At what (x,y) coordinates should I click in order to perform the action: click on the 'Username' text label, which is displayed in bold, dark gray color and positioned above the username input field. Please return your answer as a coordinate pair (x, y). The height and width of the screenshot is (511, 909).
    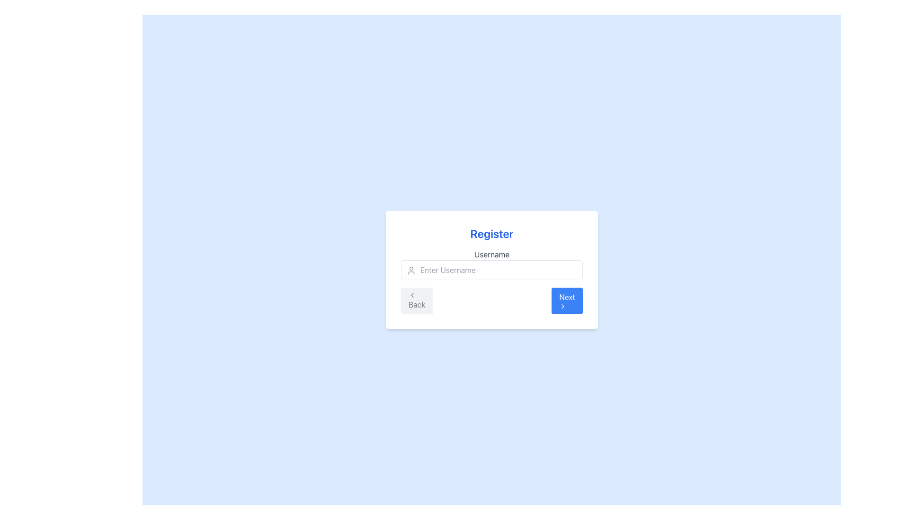
    Looking at the image, I should click on (491, 254).